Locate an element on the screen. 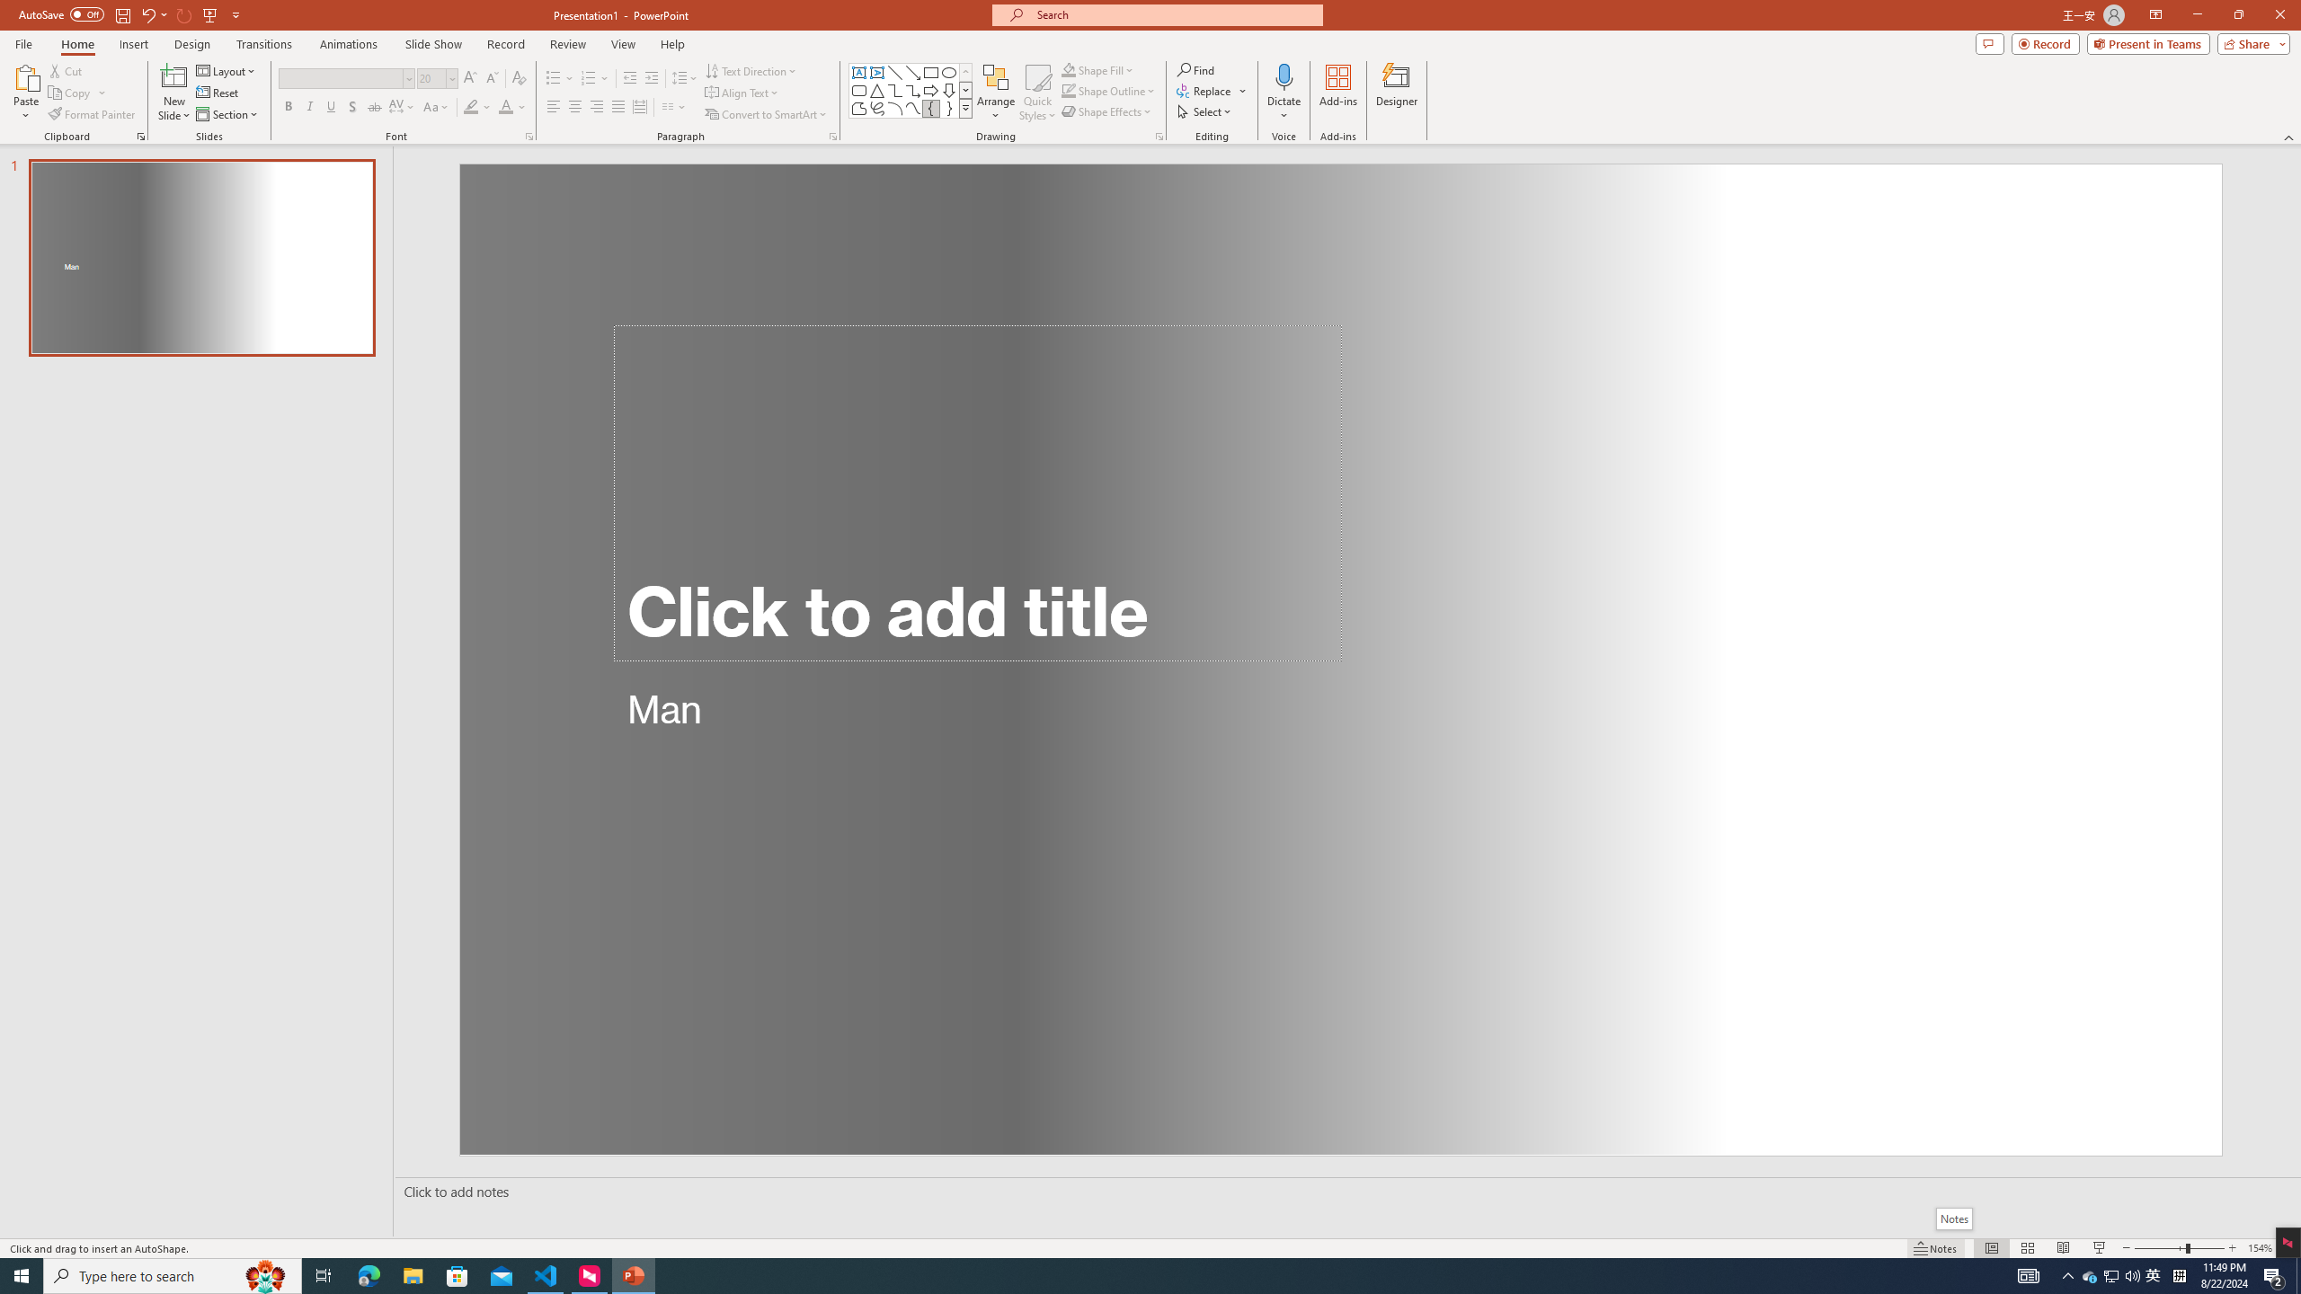 This screenshot has width=2301, height=1294. 'Line Spacing' is located at coordinates (685, 78).